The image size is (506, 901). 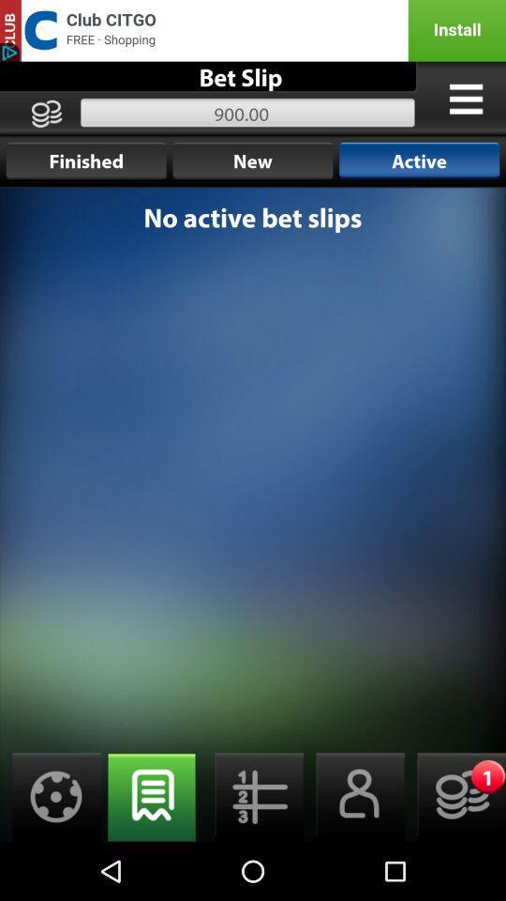 What do you see at coordinates (151, 853) in the screenshot?
I see `the chat icon` at bounding box center [151, 853].